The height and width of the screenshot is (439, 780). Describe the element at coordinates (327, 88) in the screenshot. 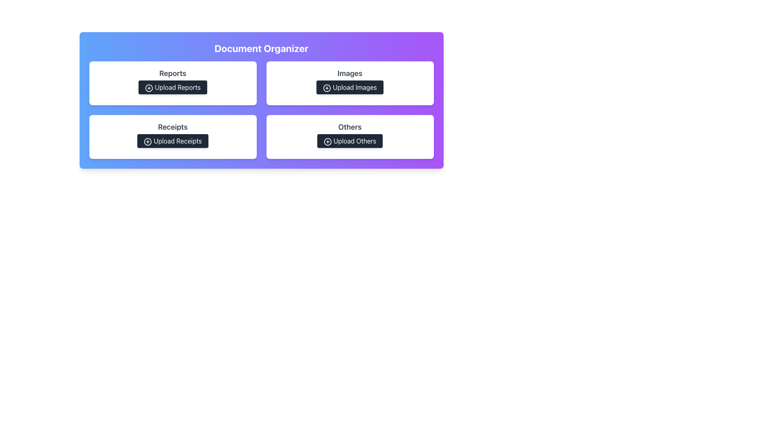

I see `the SVG Circle element that is part of the 'Upload Images' button, which is located in the upper-right quadrant of a 2x2 grid layout` at that location.